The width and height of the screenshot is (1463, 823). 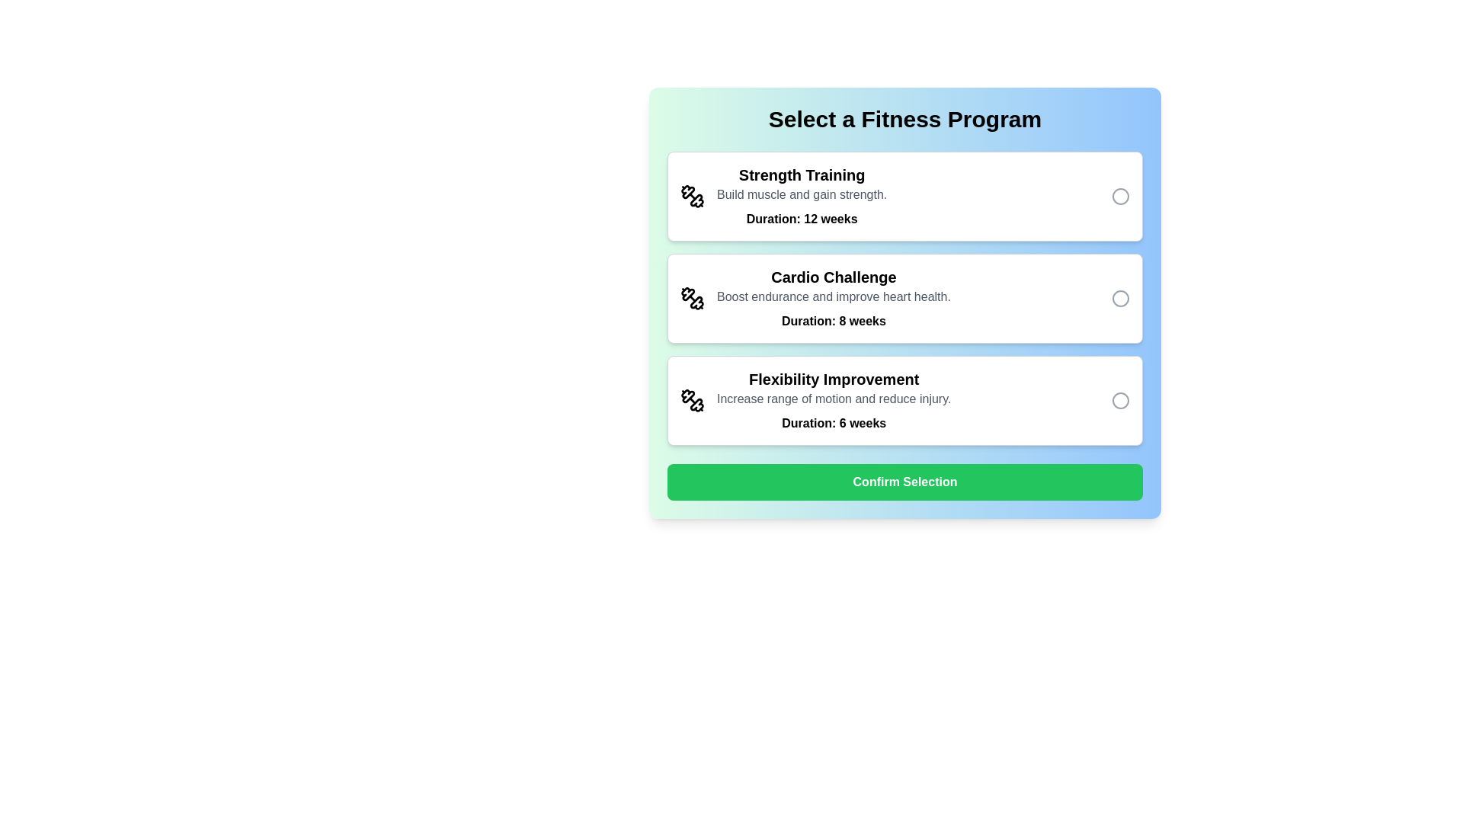 What do you see at coordinates (687, 191) in the screenshot?
I see `the fitness-related icon in the 'Strength Training' section of the program options` at bounding box center [687, 191].